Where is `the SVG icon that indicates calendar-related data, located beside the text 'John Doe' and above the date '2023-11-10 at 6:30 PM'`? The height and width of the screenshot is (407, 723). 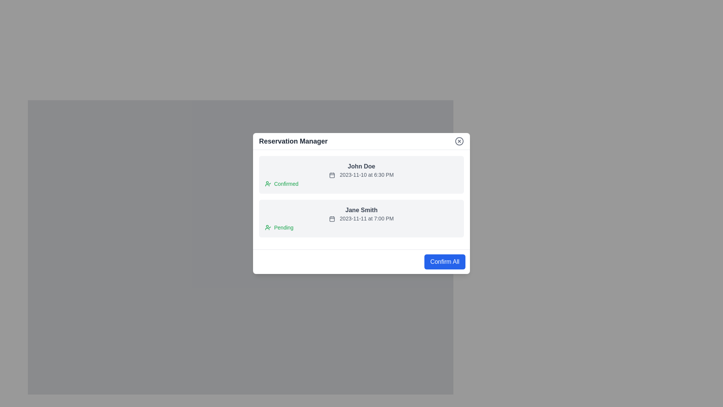
the SVG icon that indicates calendar-related data, located beside the text 'John Doe' and above the date '2023-11-10 at 6:30 PM' is located at coordinates (332, 175).